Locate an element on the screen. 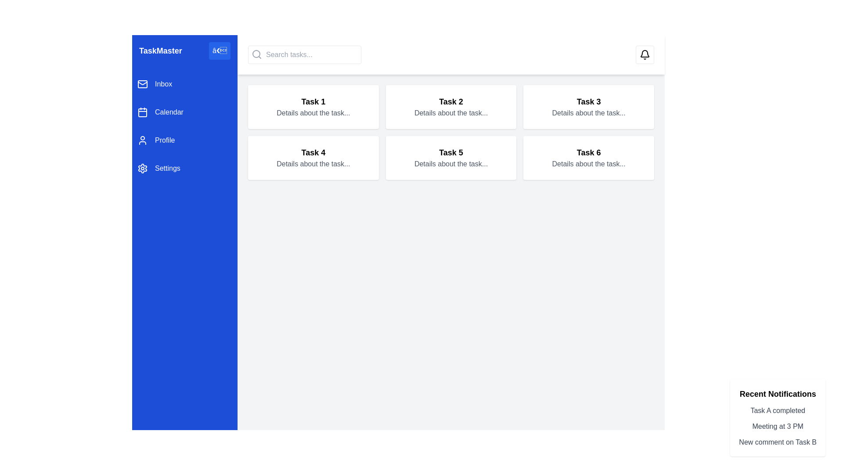 The image size is (843, 474). the static informational card that displays 'Task 6' and 'Details about the task...' located at the bottom-right in the grid layout is located at coordinates (589, 157).